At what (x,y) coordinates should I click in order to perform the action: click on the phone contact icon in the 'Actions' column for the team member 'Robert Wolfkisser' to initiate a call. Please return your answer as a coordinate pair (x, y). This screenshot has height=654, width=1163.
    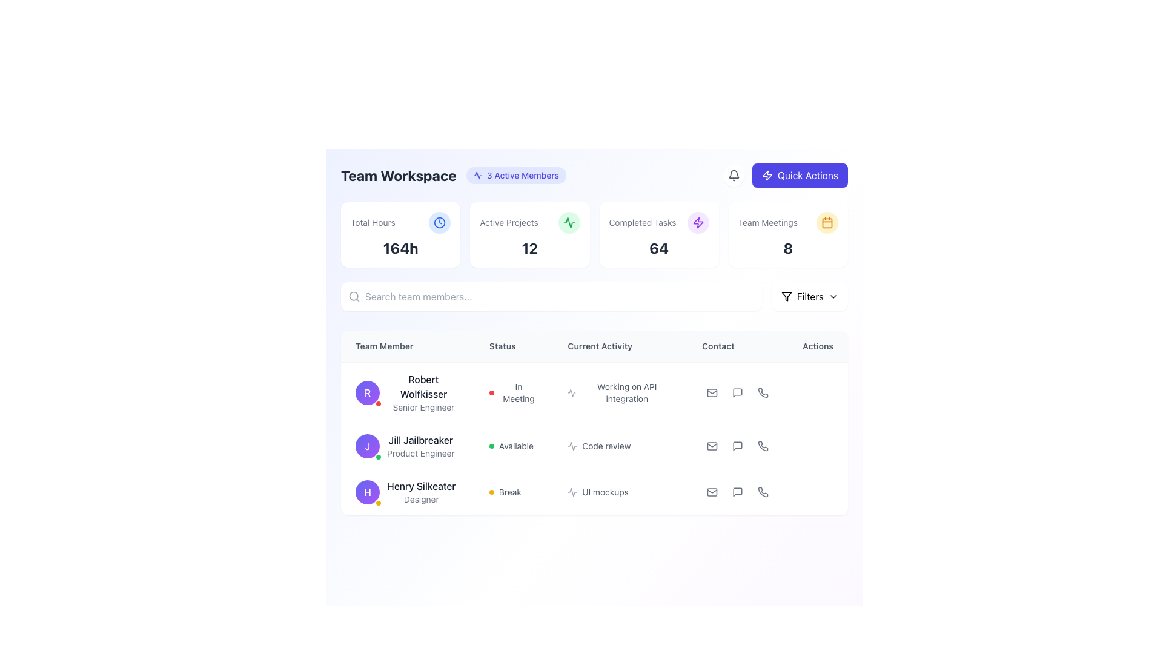
    Looking at the image, I should click on (763, 392).